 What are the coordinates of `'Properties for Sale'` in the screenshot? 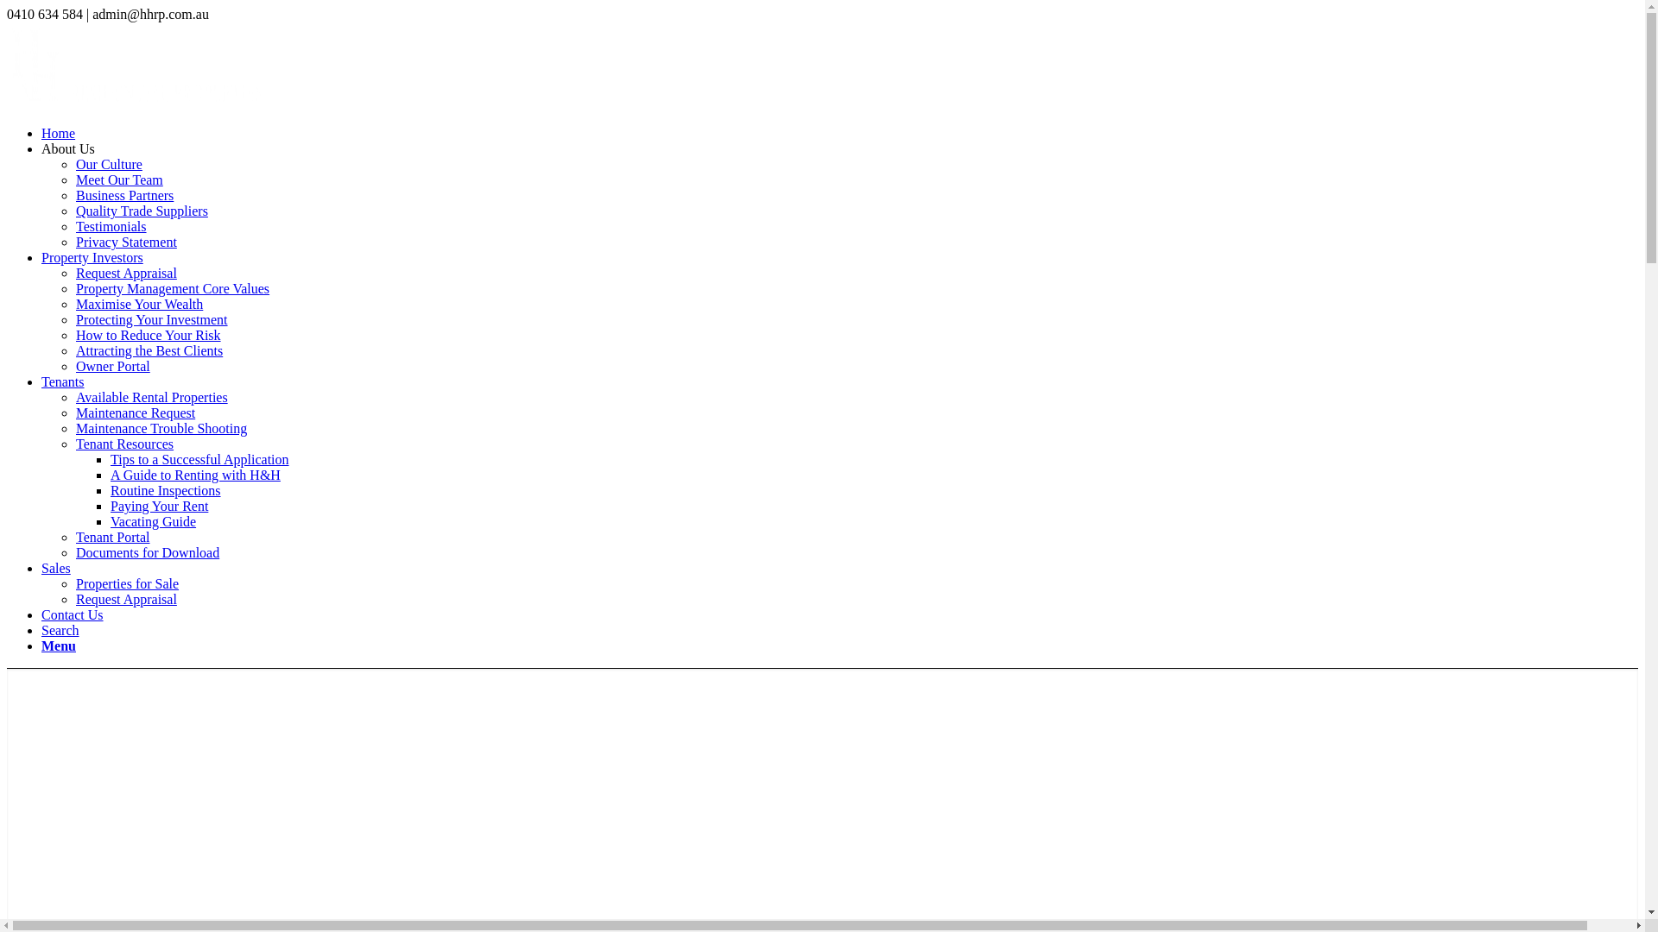 It's located at (126, 582).